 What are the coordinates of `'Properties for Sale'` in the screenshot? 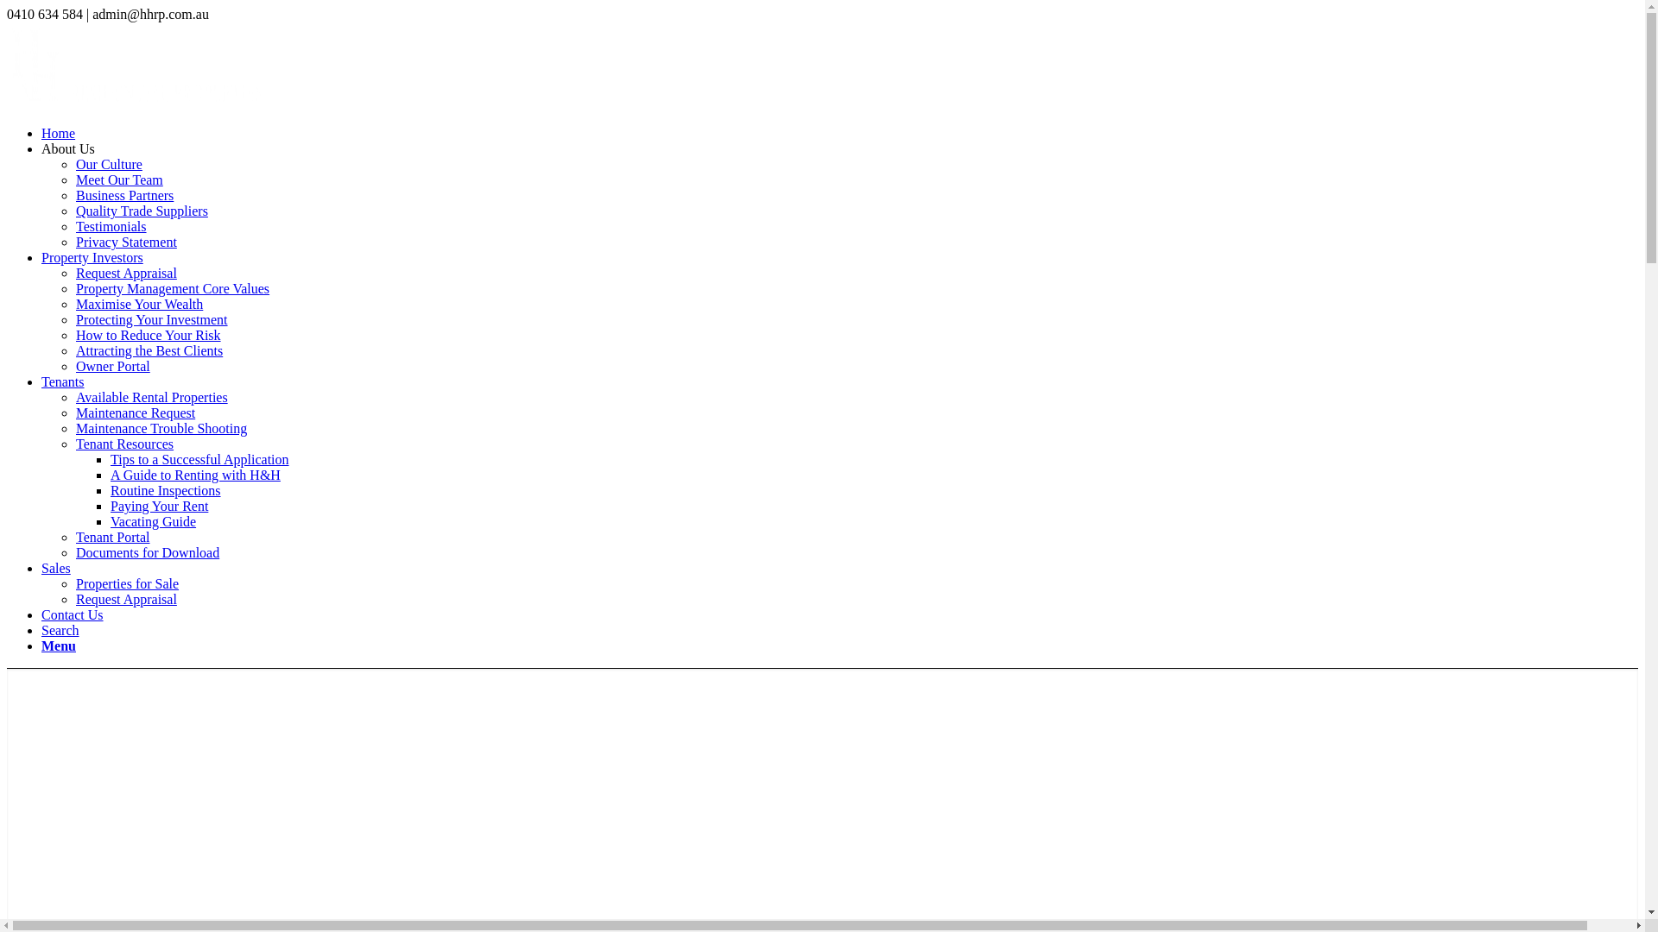 It's located at (126, 582).